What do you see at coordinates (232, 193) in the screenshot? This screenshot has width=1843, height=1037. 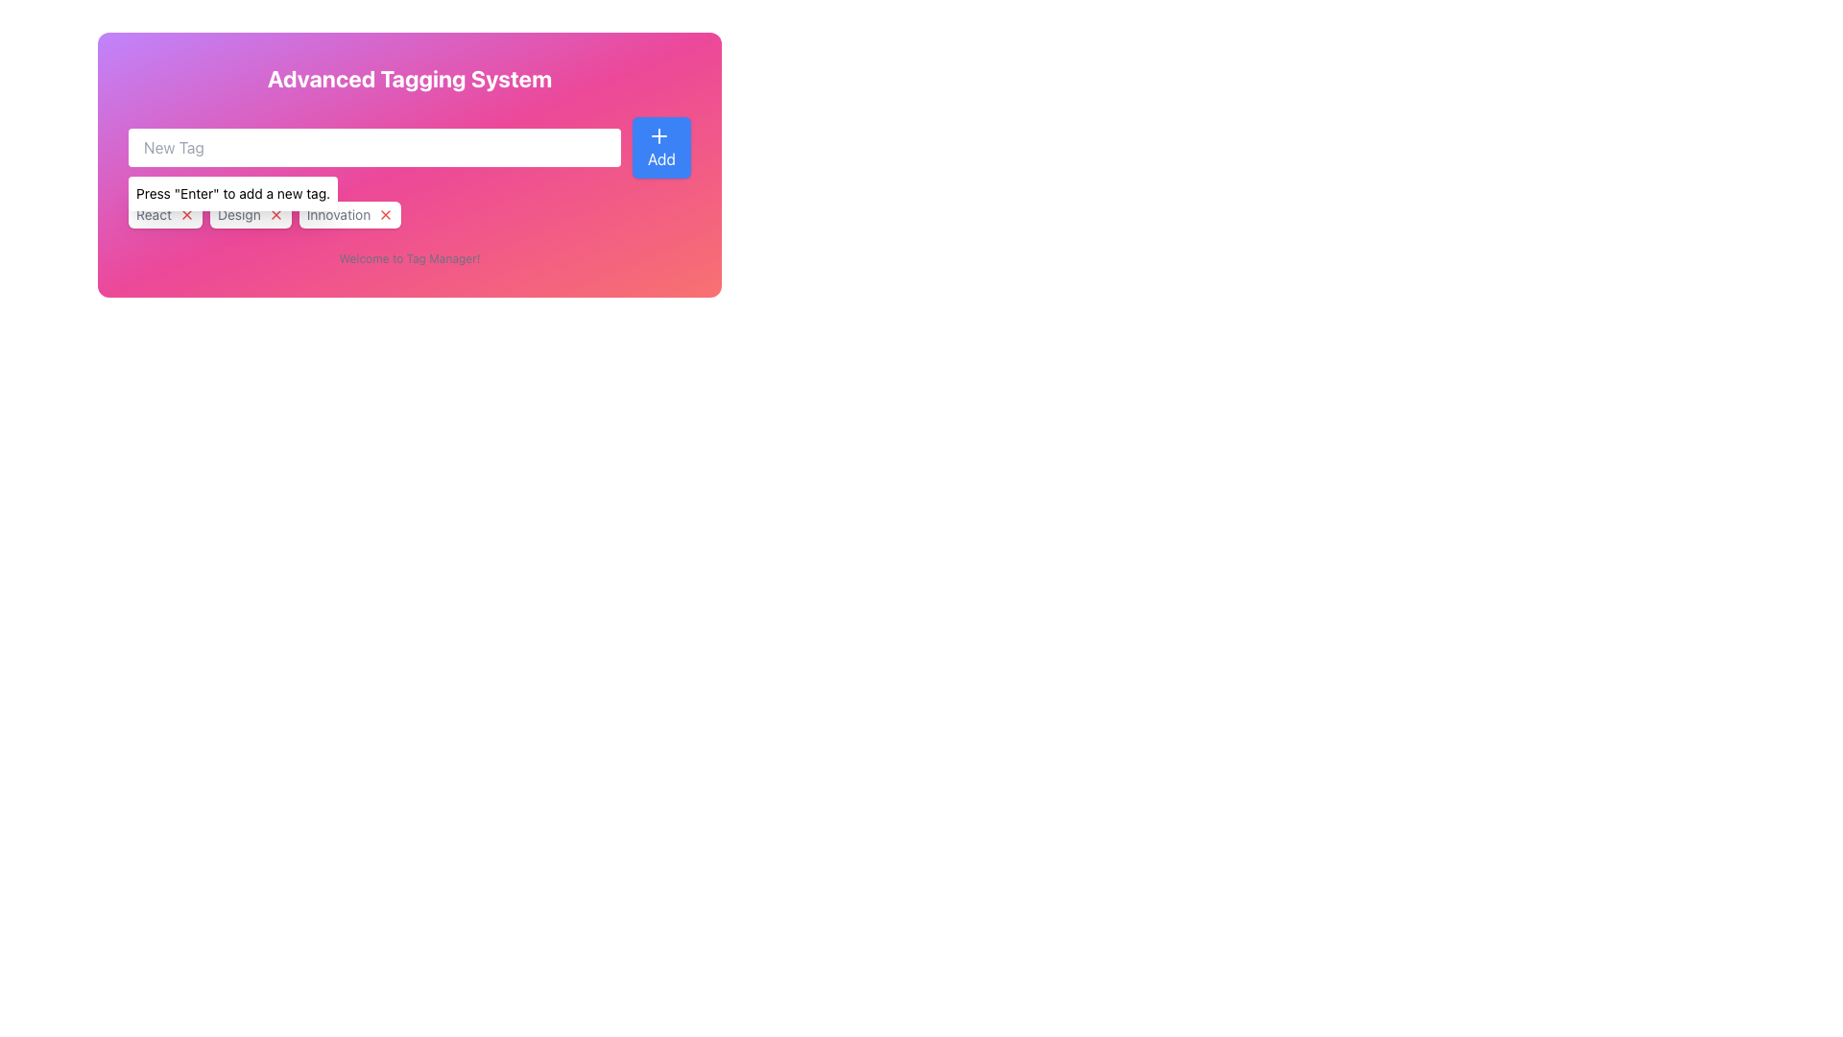 I see `the instructional tooltip that guides users on how to add a new tag using the Enter key, located directly below the 'New Tag' input field` at bounding box center [232, 193].